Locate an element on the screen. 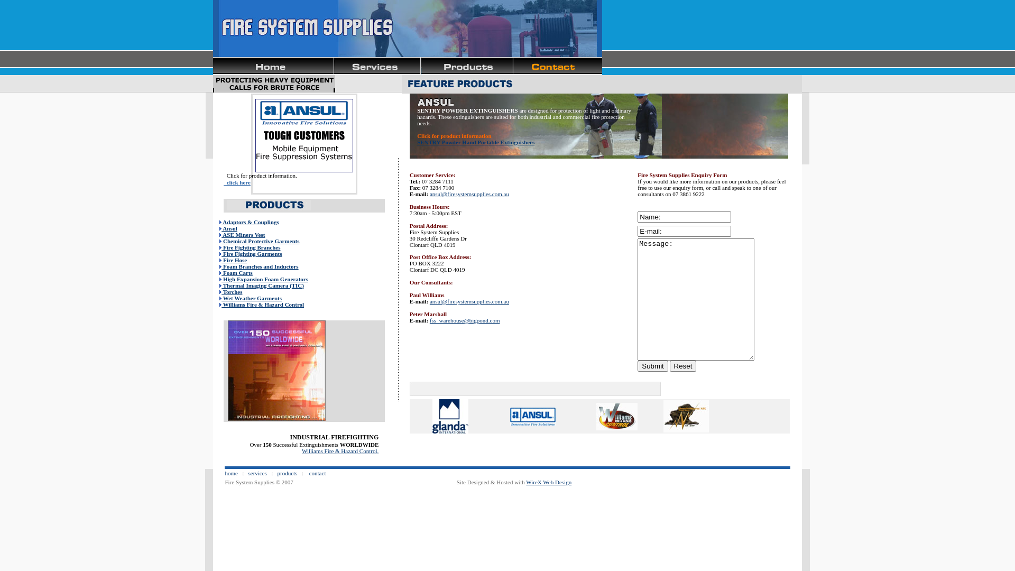 The width and height of the screenshot is (1015, 571). ' Fire Fighting Branches' is located at coordinates (249, 247).